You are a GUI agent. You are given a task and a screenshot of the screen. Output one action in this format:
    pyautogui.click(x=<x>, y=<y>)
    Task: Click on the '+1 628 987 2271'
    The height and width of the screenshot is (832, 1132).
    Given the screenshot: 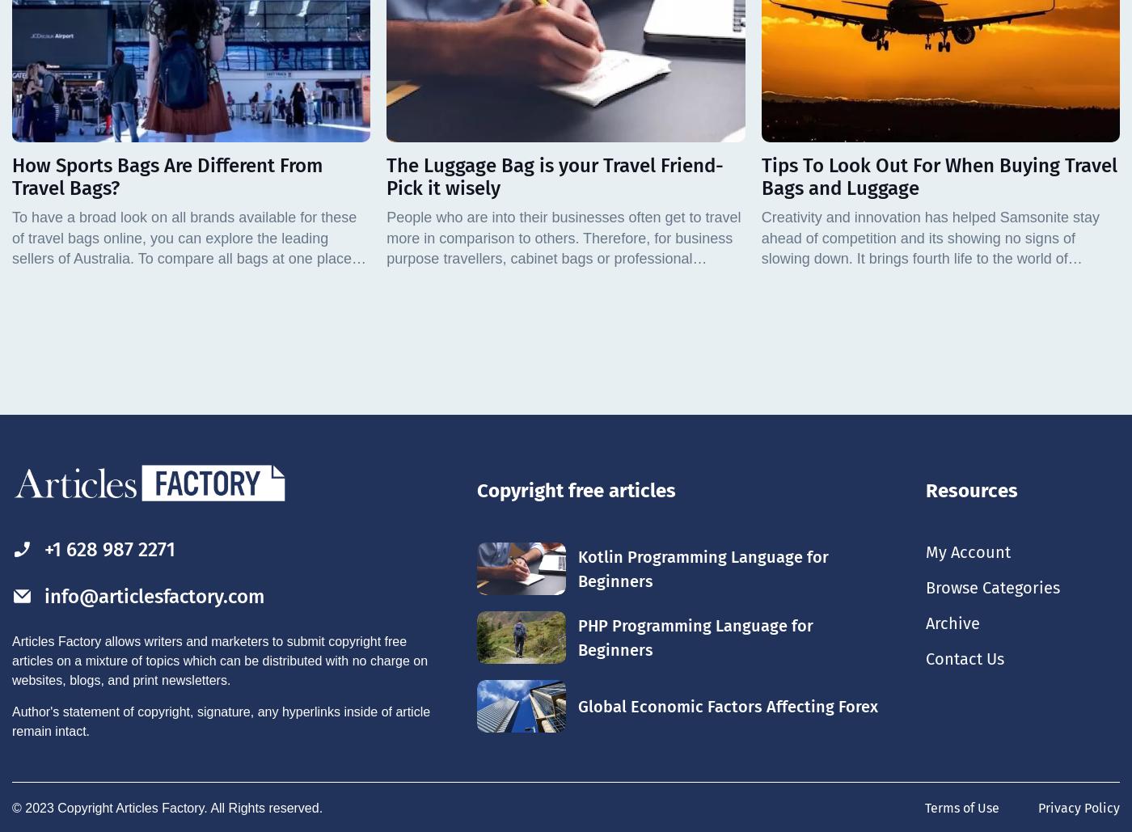 What is the action you would take?
    pyautogui.click(x=109, y=548)
    